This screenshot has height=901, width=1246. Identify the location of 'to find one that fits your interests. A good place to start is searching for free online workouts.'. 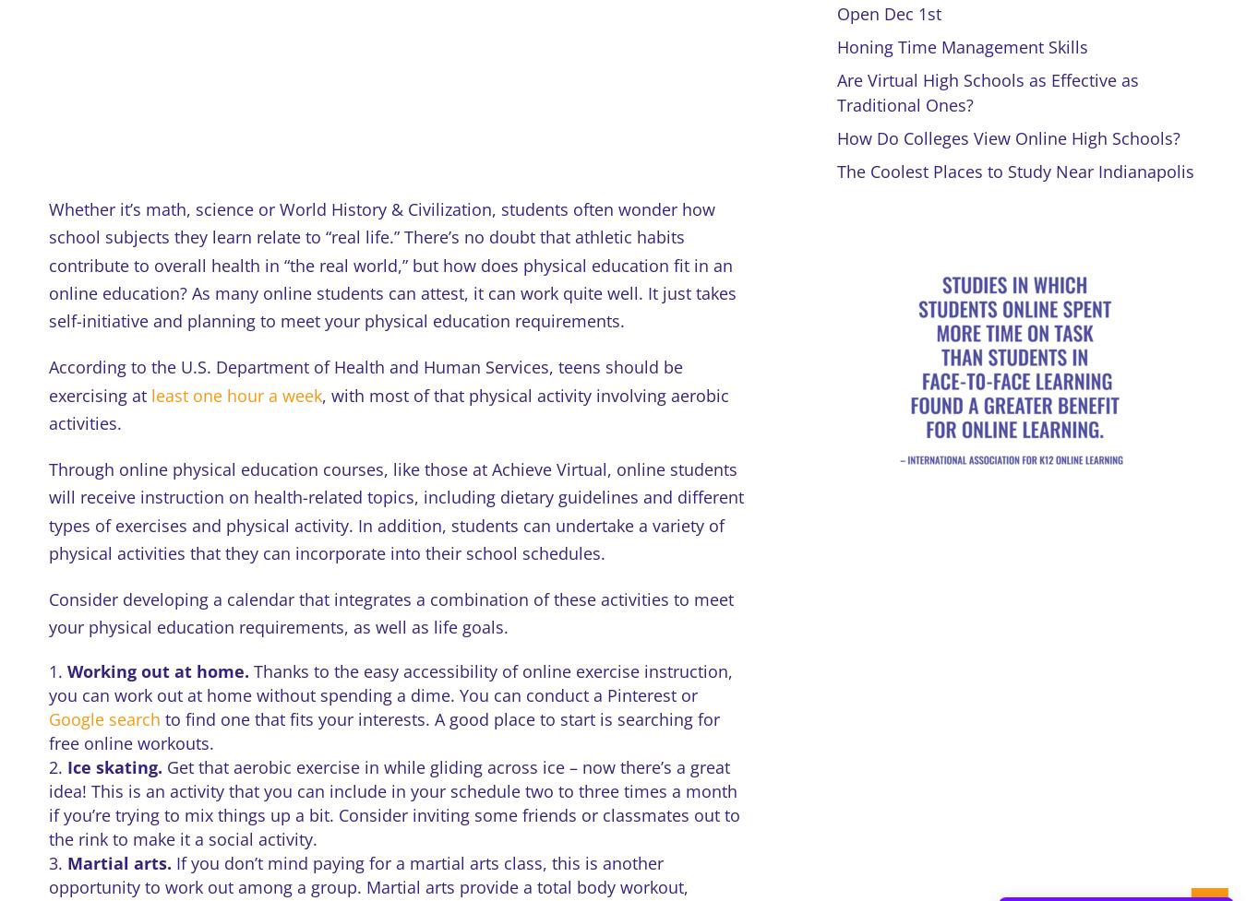
(46, 731).